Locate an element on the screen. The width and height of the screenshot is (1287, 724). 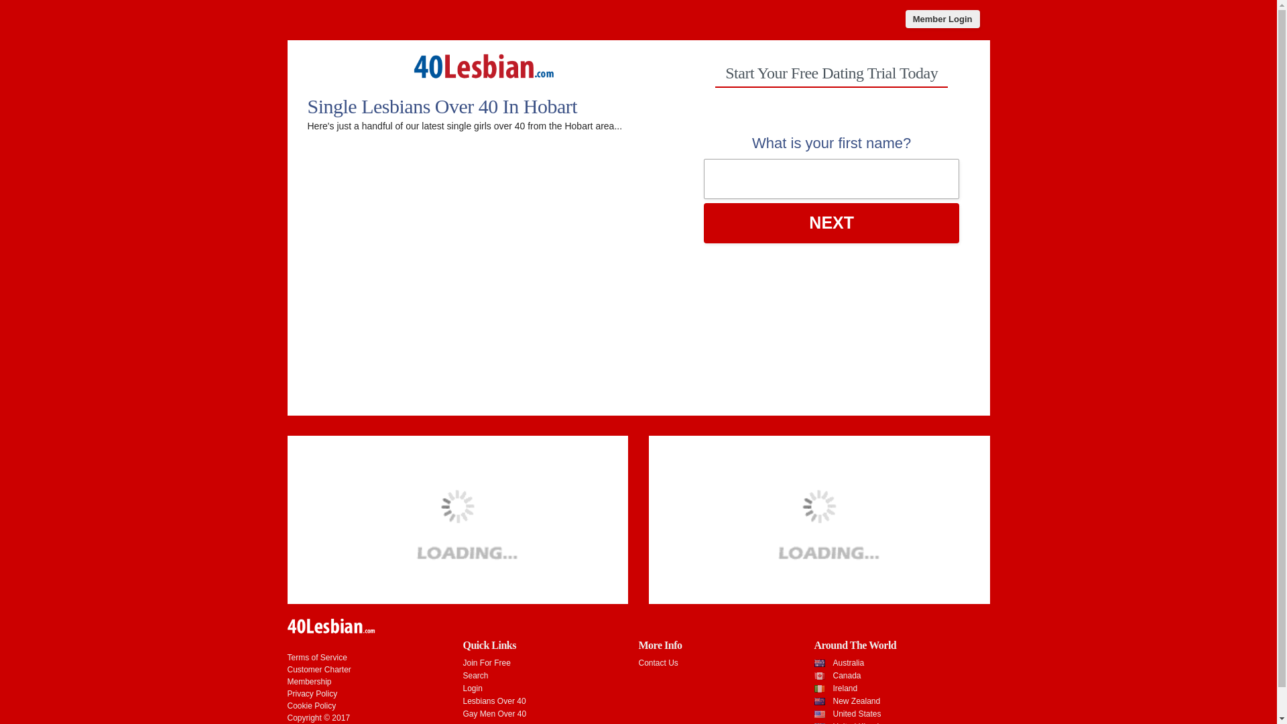
'Ireland' is located at coordinates (844, 688).